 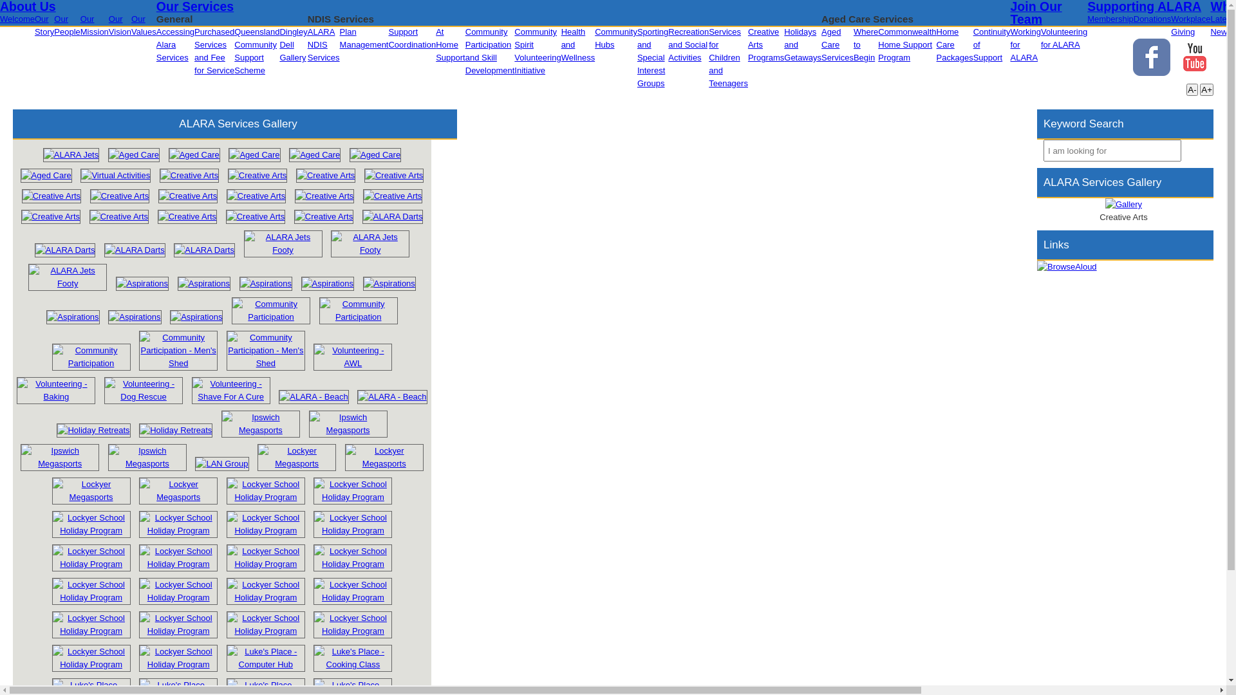 I want to click on 'Skip to content', so click(x=0, y=6).